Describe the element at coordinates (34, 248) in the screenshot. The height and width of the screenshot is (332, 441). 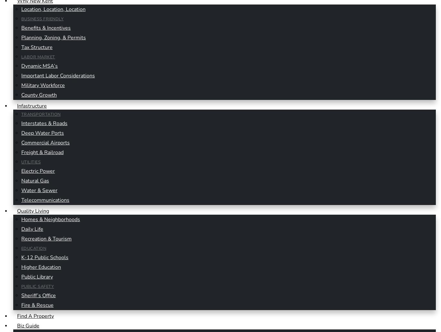
I see `'Education'` at that location.